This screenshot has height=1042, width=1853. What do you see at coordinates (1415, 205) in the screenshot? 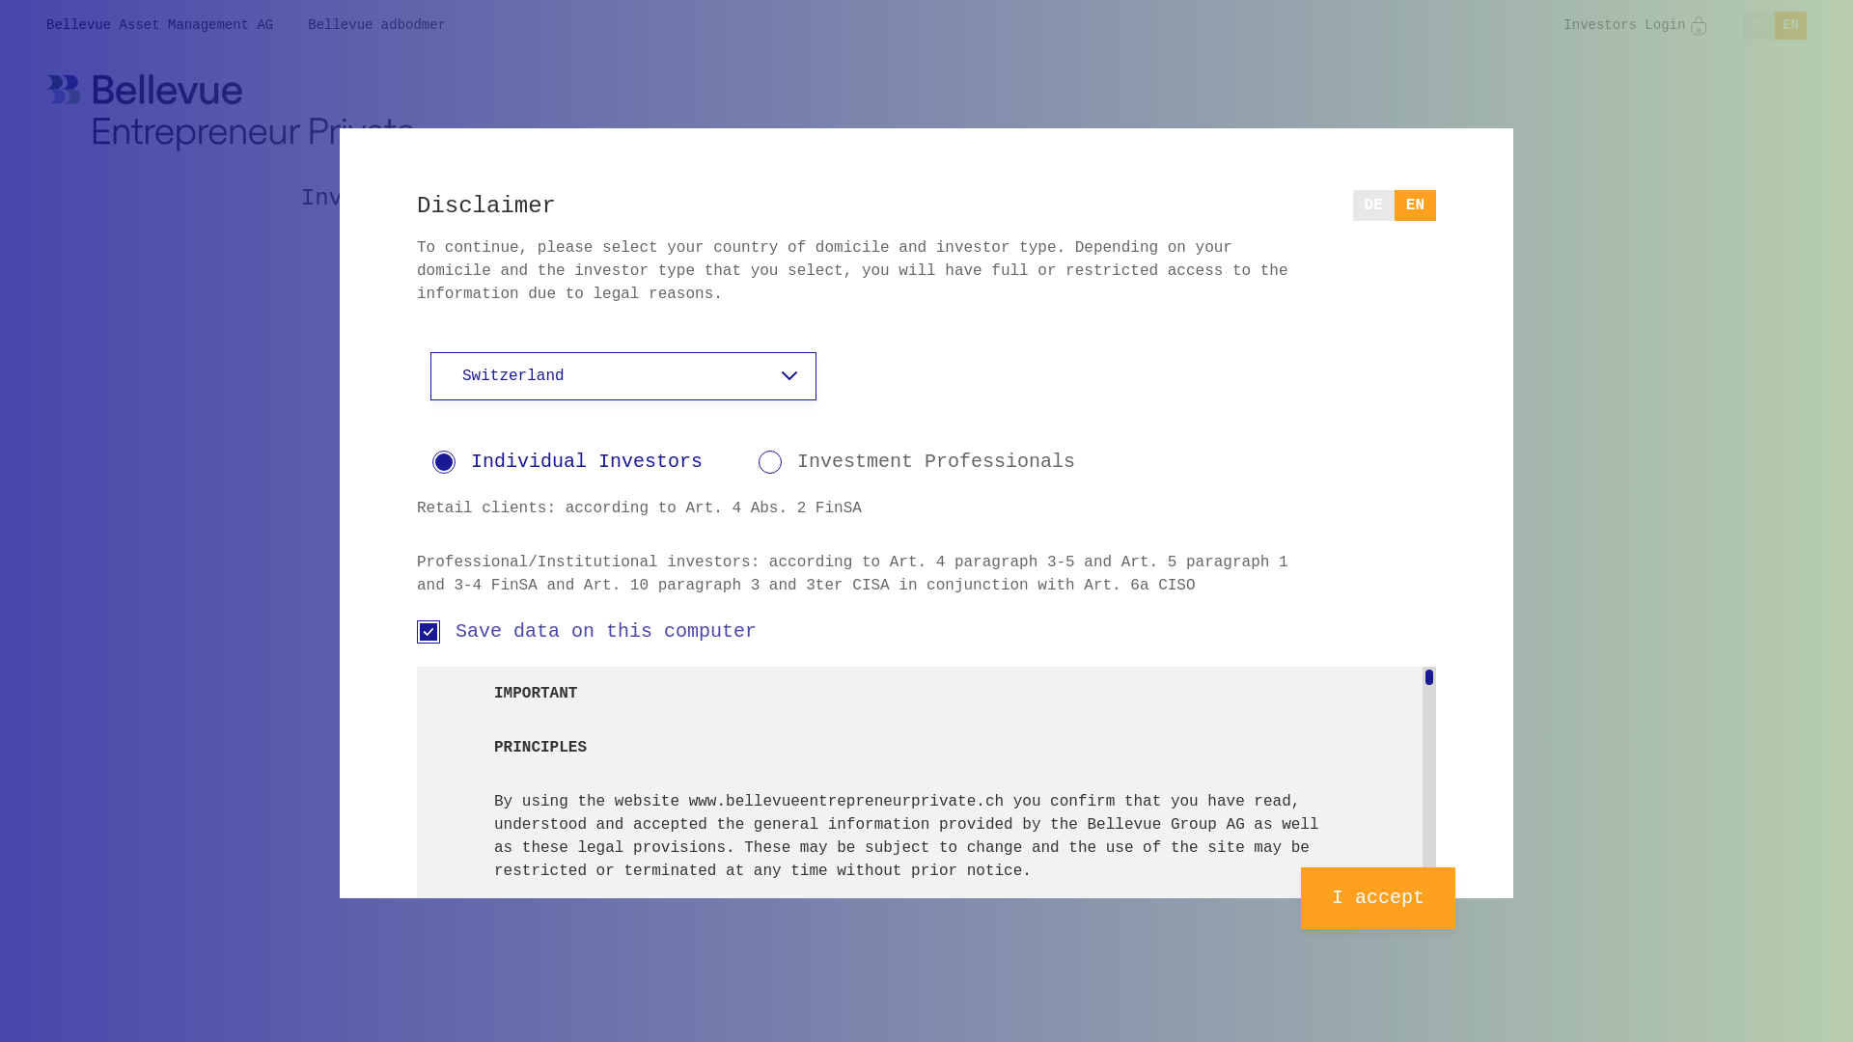
I see `'EN'` at bounding box center [1415, 205].